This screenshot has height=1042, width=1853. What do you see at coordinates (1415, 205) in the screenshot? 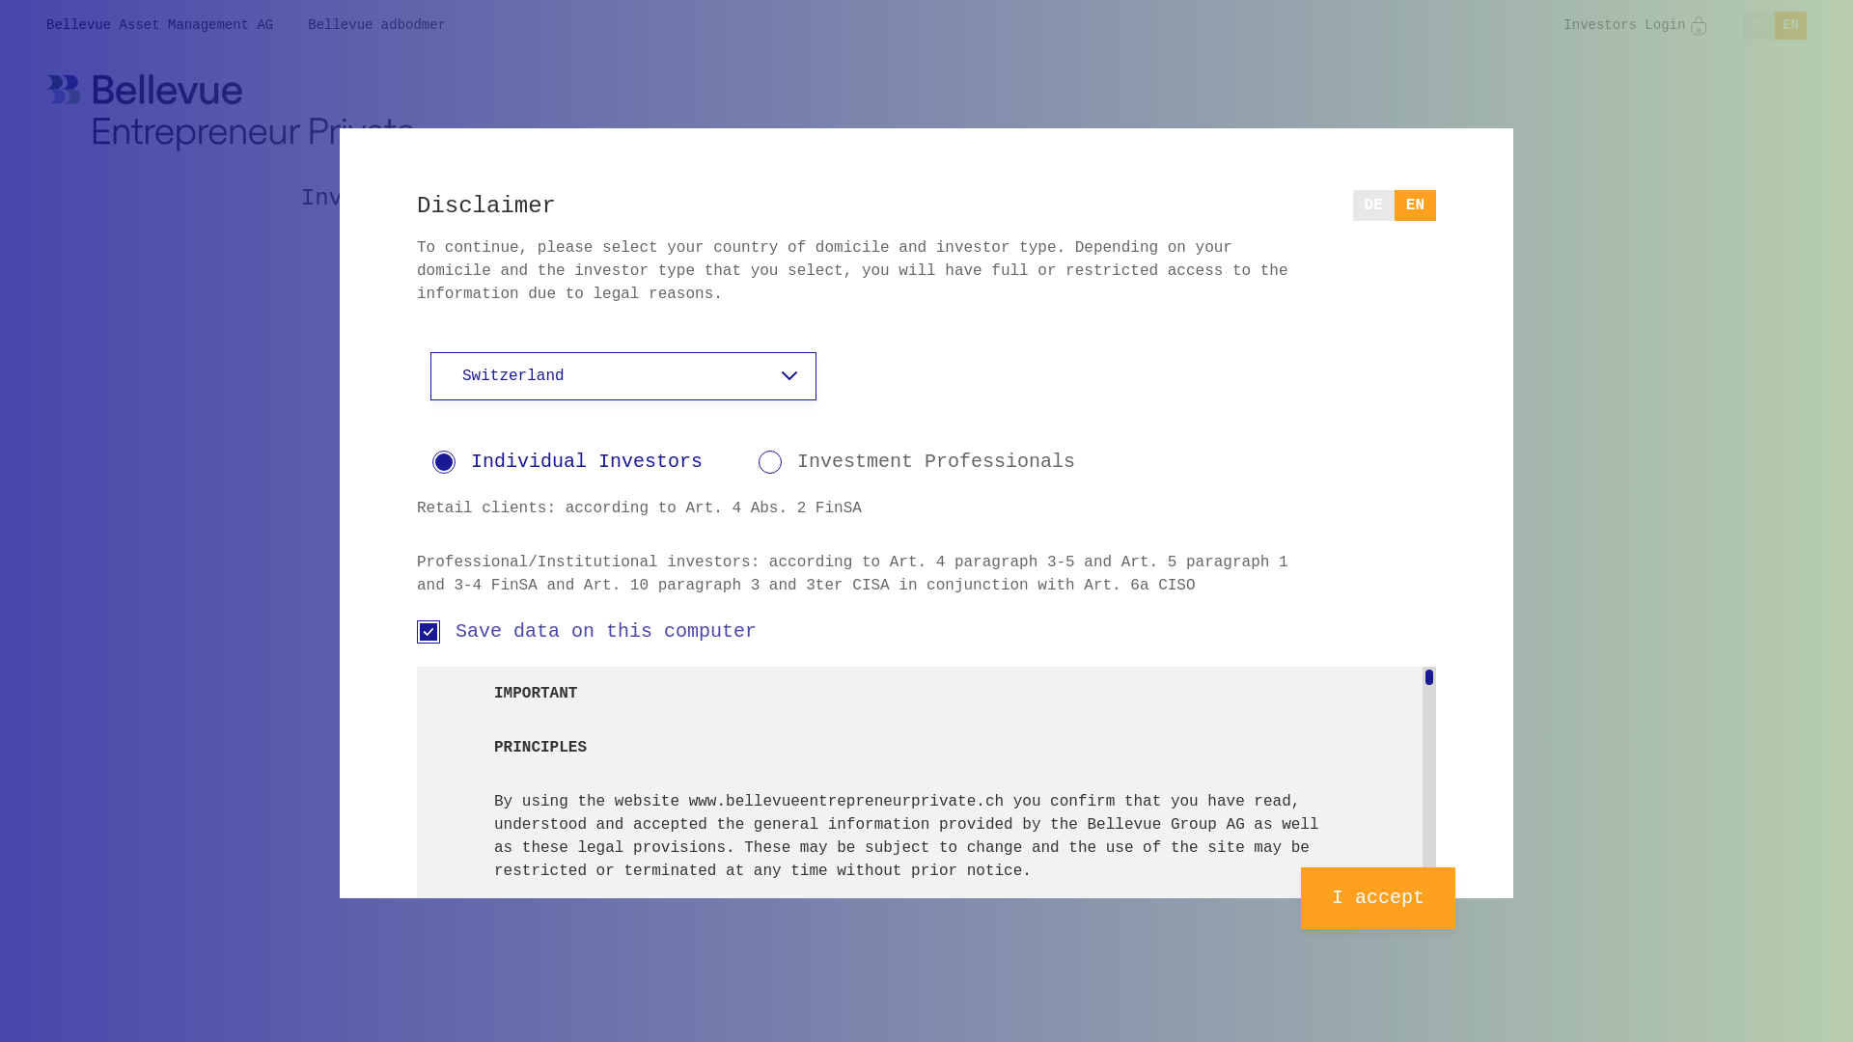
I see `'EN'` at bounding box center [1415, 205].